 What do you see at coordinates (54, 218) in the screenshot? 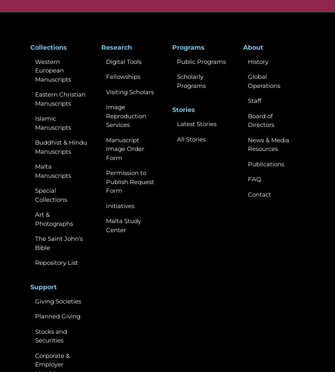
I see `'Art & Photographs'` at bounding box center [54, 218].